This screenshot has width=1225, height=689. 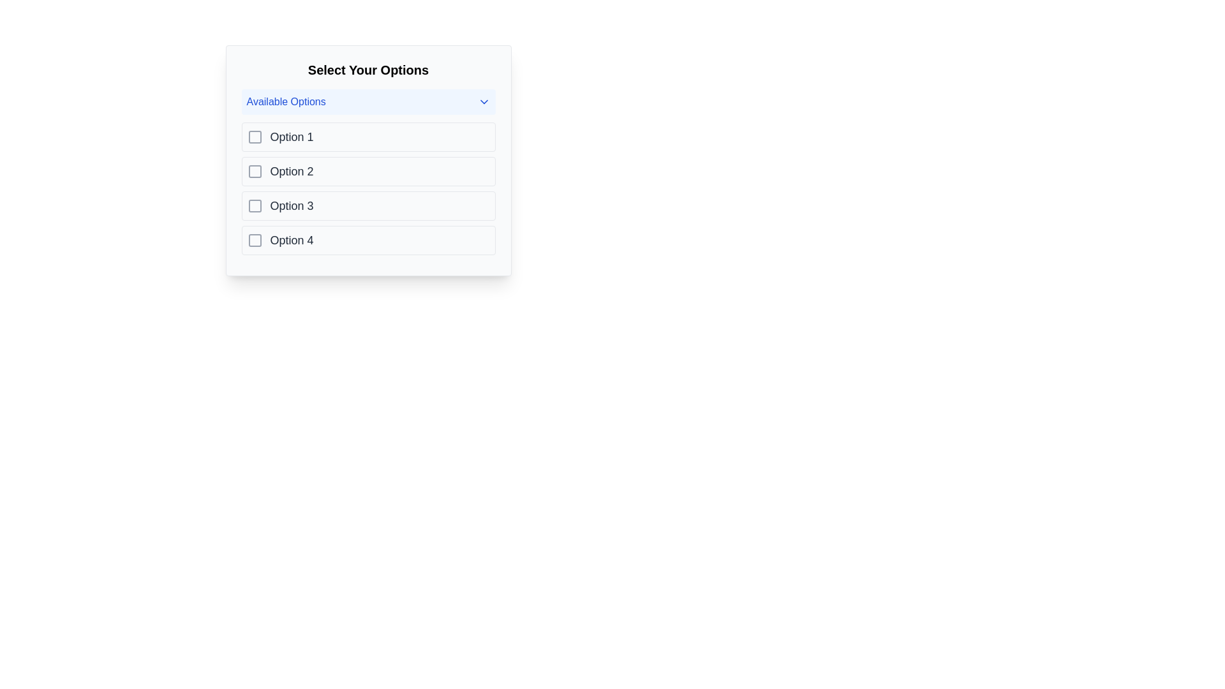 What do you see at coordinates (367, 171) in the screenshot?
I see `the second checkbox option in the list` at bounding box center [367, 171].